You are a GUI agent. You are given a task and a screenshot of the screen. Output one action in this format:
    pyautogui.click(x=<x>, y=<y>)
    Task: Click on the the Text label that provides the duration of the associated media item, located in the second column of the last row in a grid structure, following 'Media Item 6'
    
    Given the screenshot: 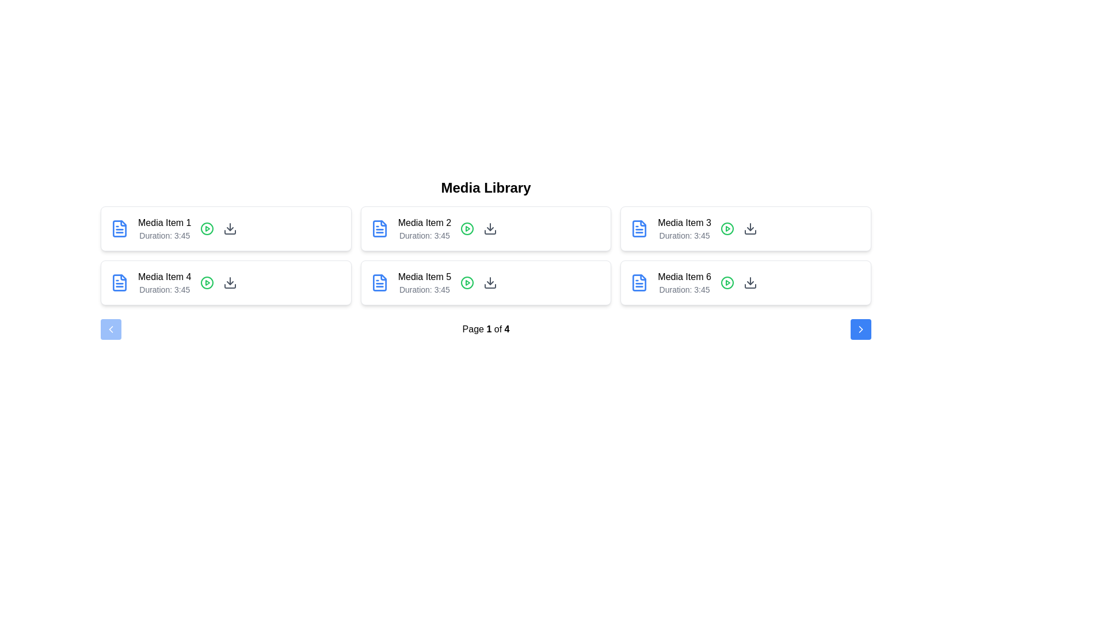 What is the action you would take?
    pyautogui.click(x=684, y=289)
    